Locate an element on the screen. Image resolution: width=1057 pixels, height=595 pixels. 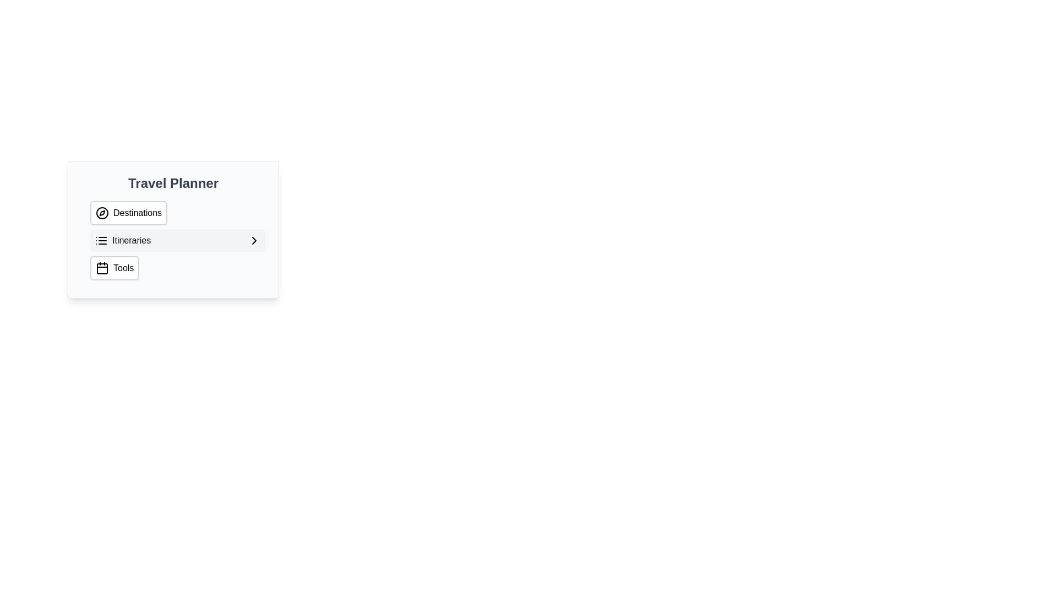
the compass icon located at the leftmost side of the 'Destinations' button in the 'Travel Planner' section is located at coordinates (102, 213).